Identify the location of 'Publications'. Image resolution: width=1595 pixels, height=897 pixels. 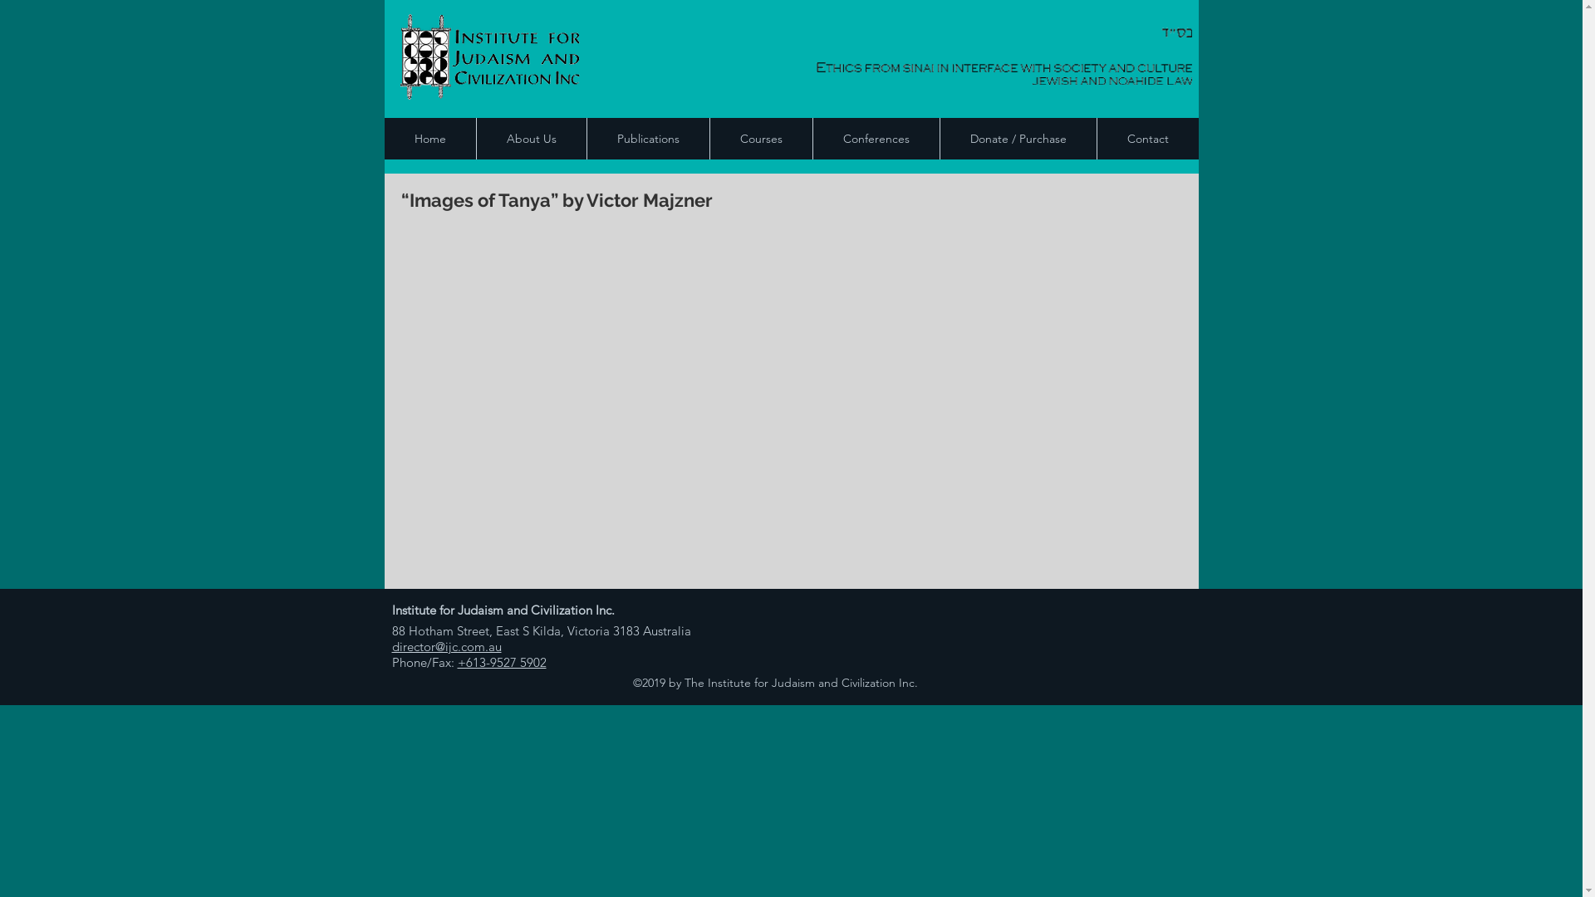
(646, 137).